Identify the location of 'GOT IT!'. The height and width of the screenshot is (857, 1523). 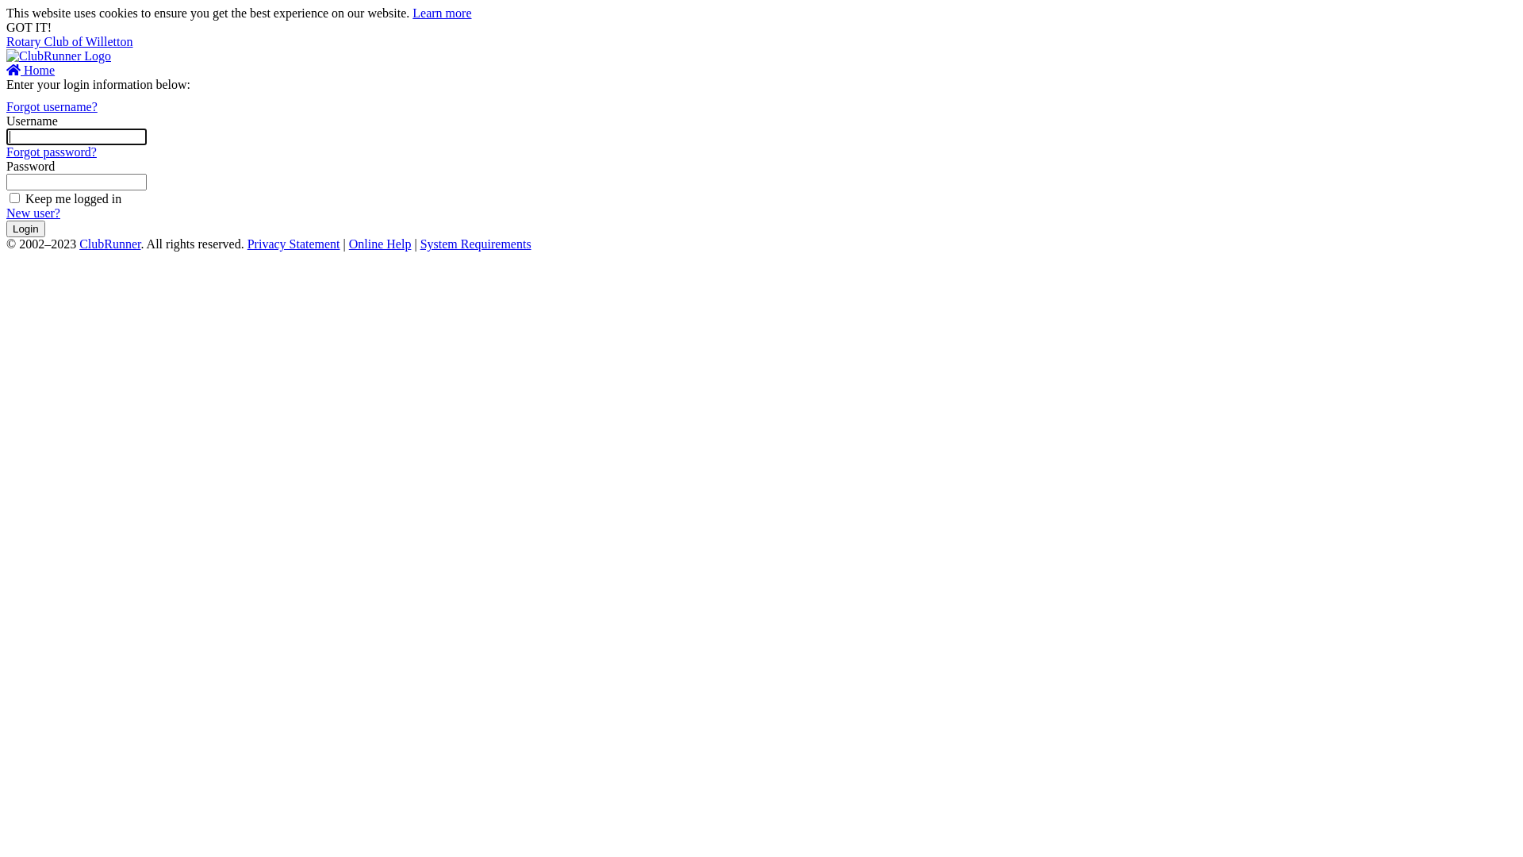
(29, 27).